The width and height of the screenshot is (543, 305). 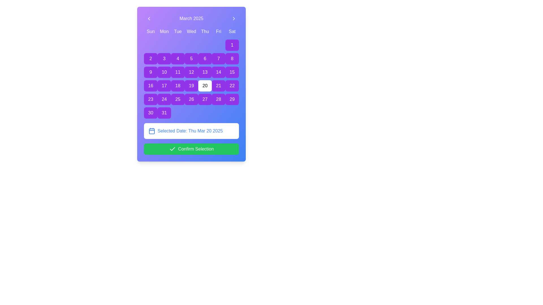 What do you see at coordinates (218, 45) in the screenshot?
I see `the uninteractive grid placeholder, which is the sixth item in the first row of the calendar grid layout, located near the top right corner` at bounding box center [218, 45].